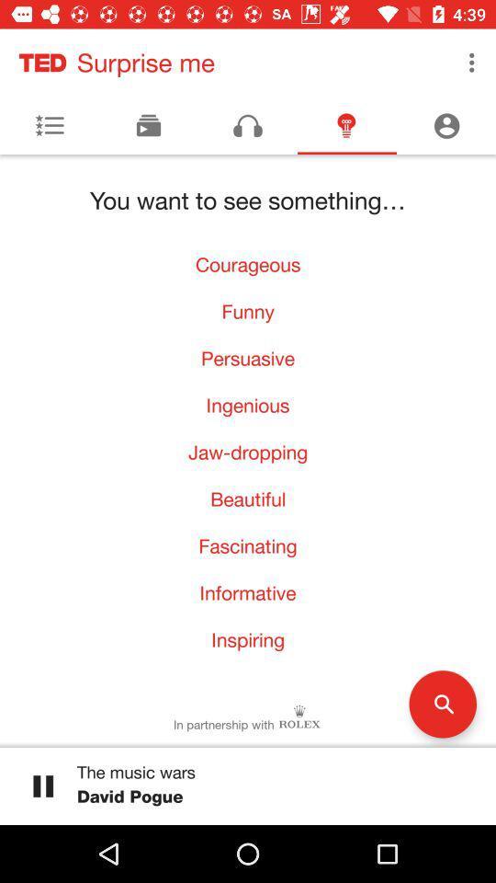 Image resolution: width=496 pixels, height=883 pixels. What do you see at coordinates (248, 357) in the screenshot?
I see `the persuasive item` at bounding box center [248, 357].